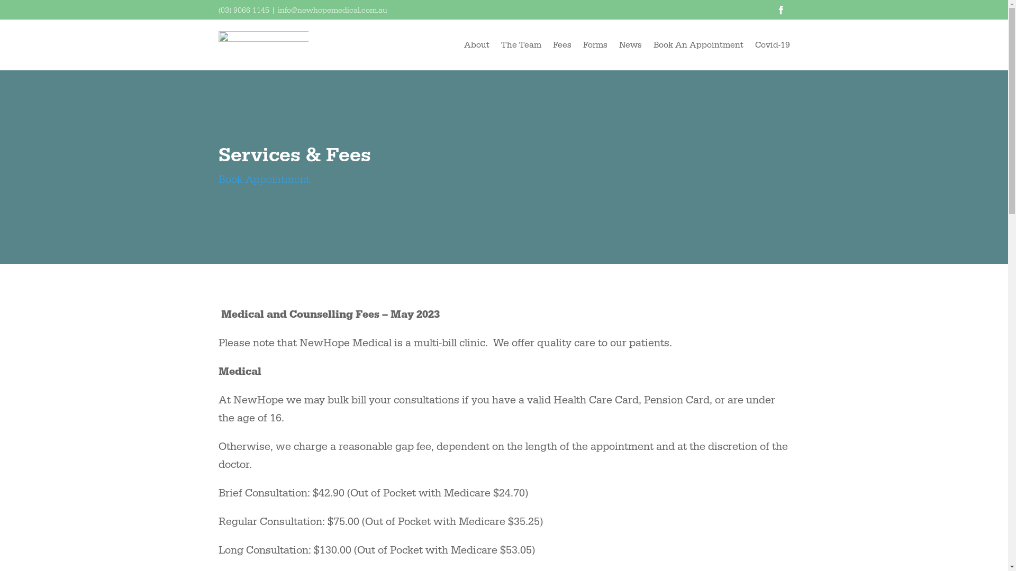 The width and height of the screenshot is (1016, 571). I want to click on 'Follow on Facebook', so click(781, 10).